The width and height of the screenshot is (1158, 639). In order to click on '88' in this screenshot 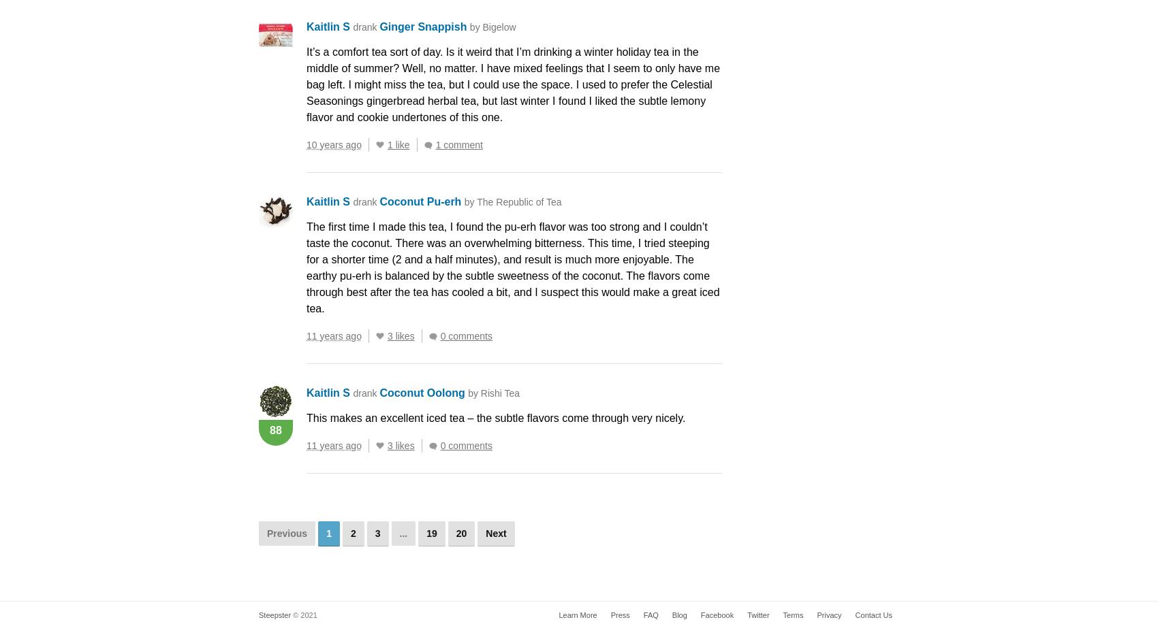, I will do `click(275, 429)`.